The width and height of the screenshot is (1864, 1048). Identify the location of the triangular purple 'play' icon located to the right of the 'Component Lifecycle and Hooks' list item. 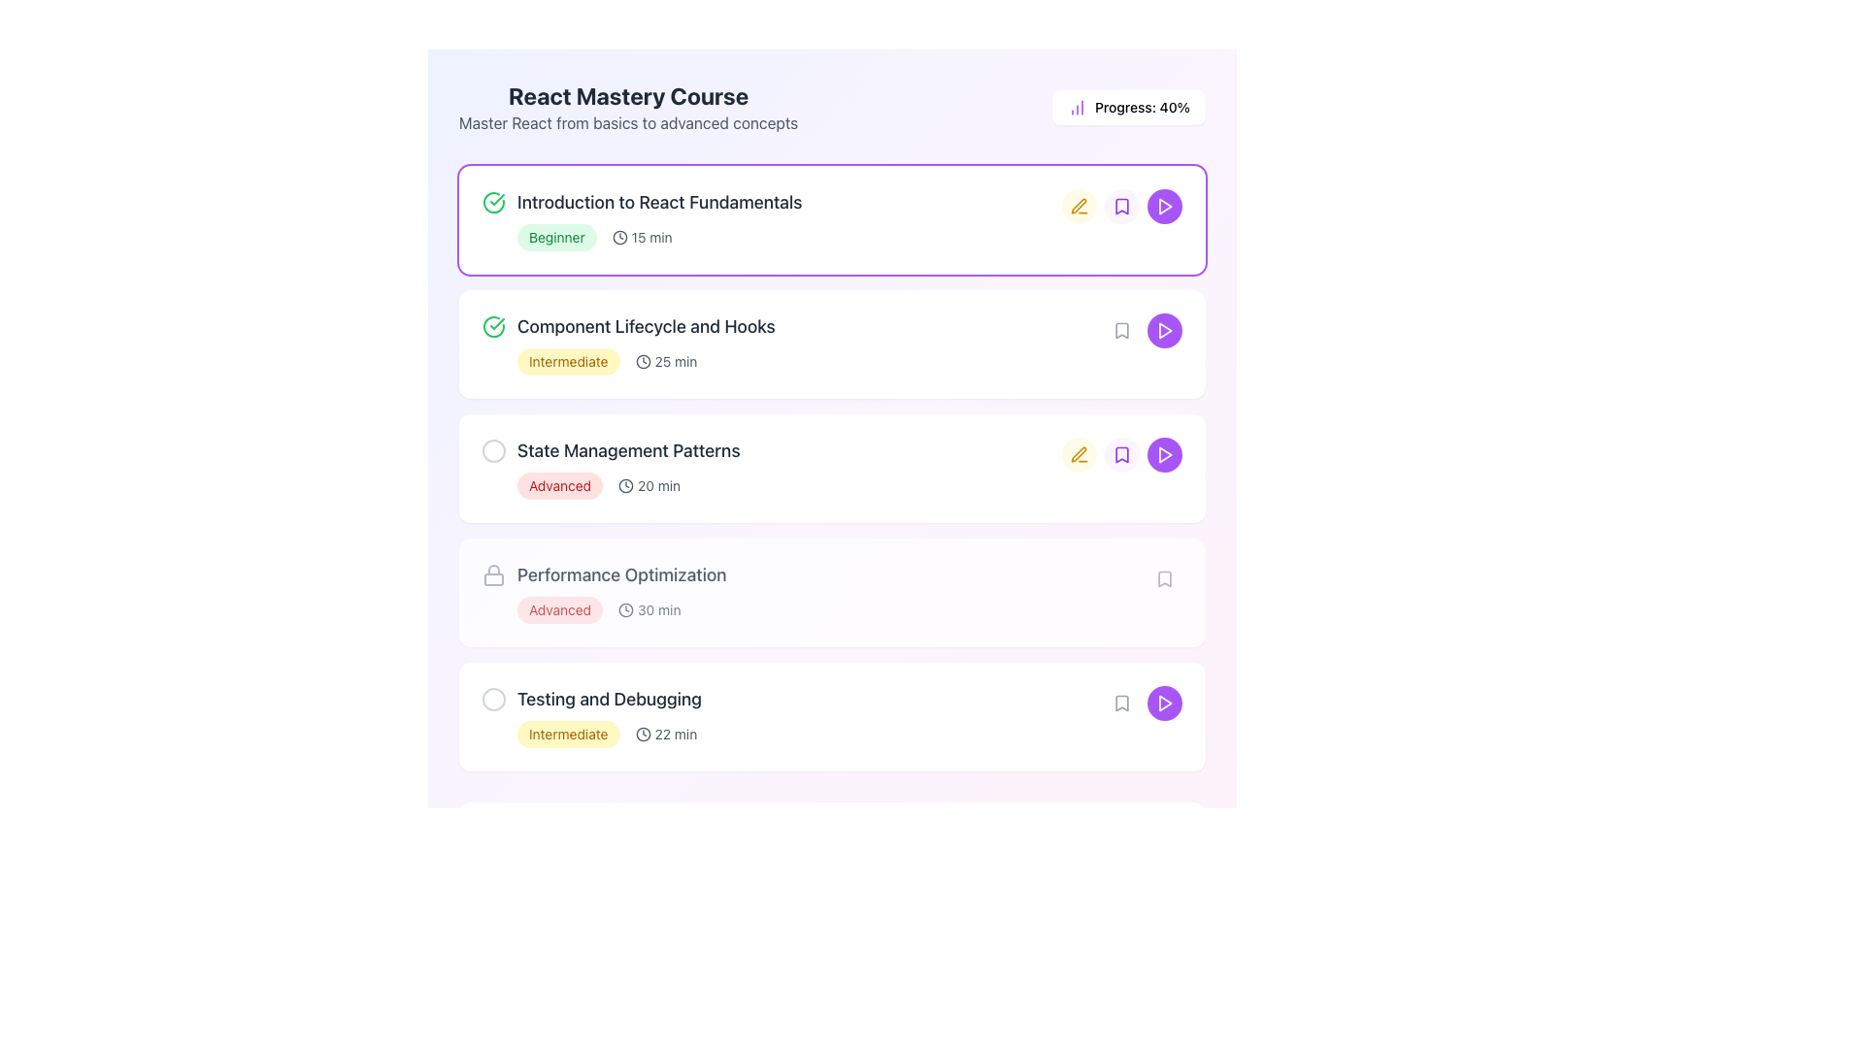
(1165, 455).